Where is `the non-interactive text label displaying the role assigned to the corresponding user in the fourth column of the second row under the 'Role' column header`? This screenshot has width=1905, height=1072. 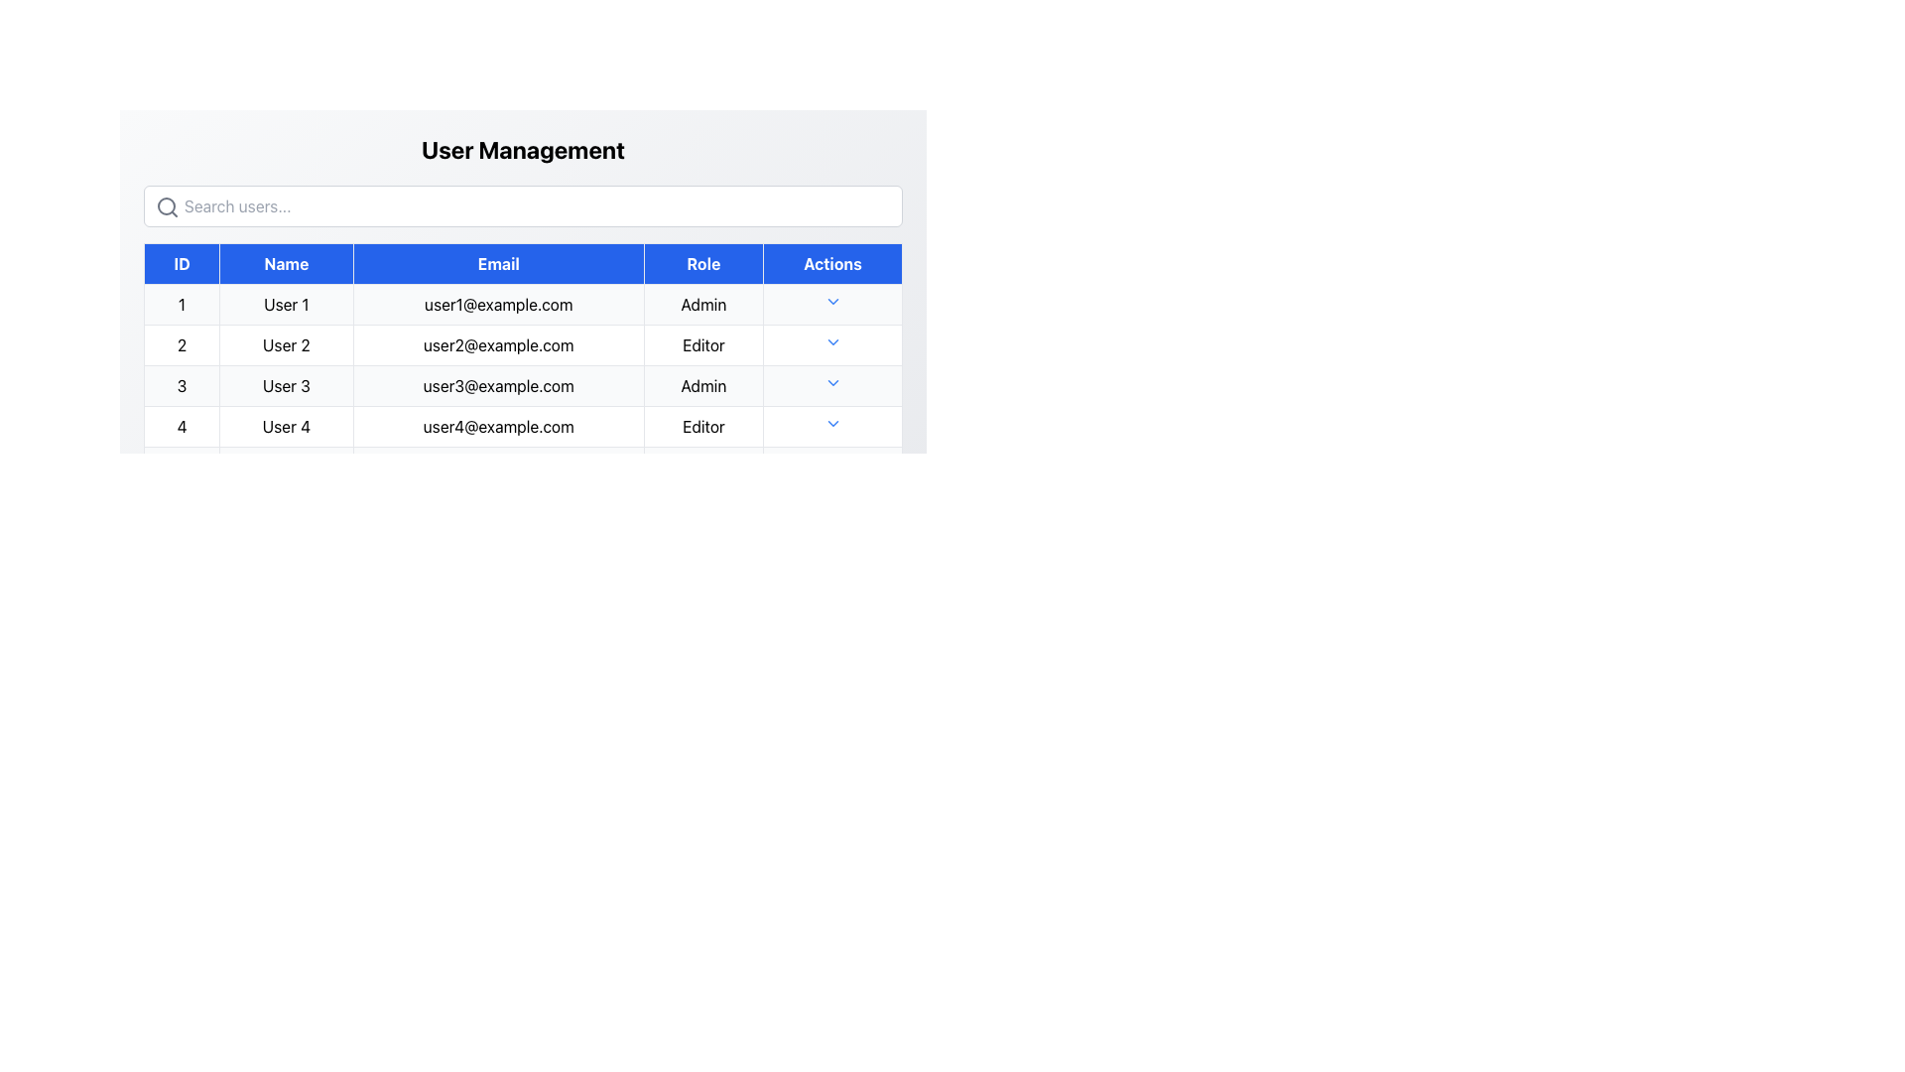 the non-interactive text label displaying the role assigned to the corresponding user in the fourth column of the second row under the 'Role' column header is located at coordinates (703, 343).